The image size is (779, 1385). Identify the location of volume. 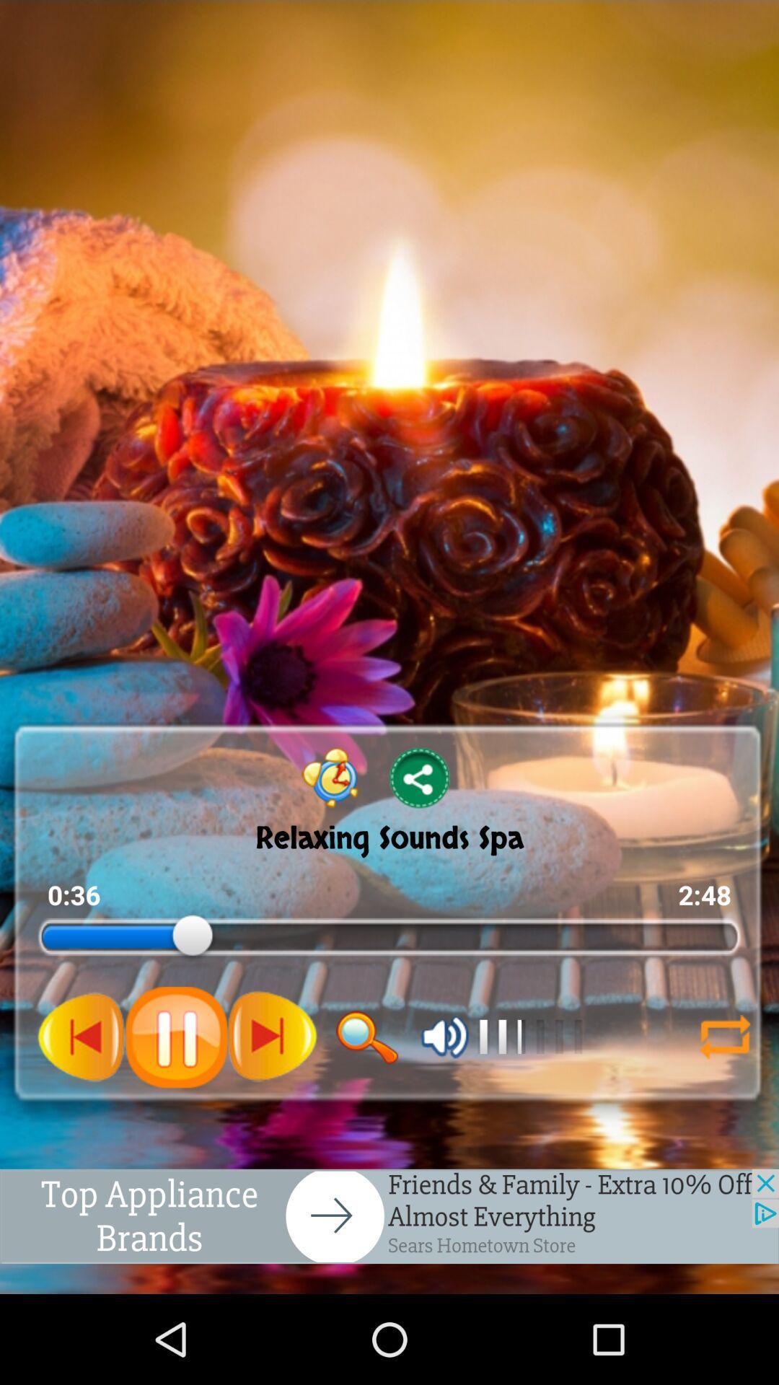
(444, 1036).